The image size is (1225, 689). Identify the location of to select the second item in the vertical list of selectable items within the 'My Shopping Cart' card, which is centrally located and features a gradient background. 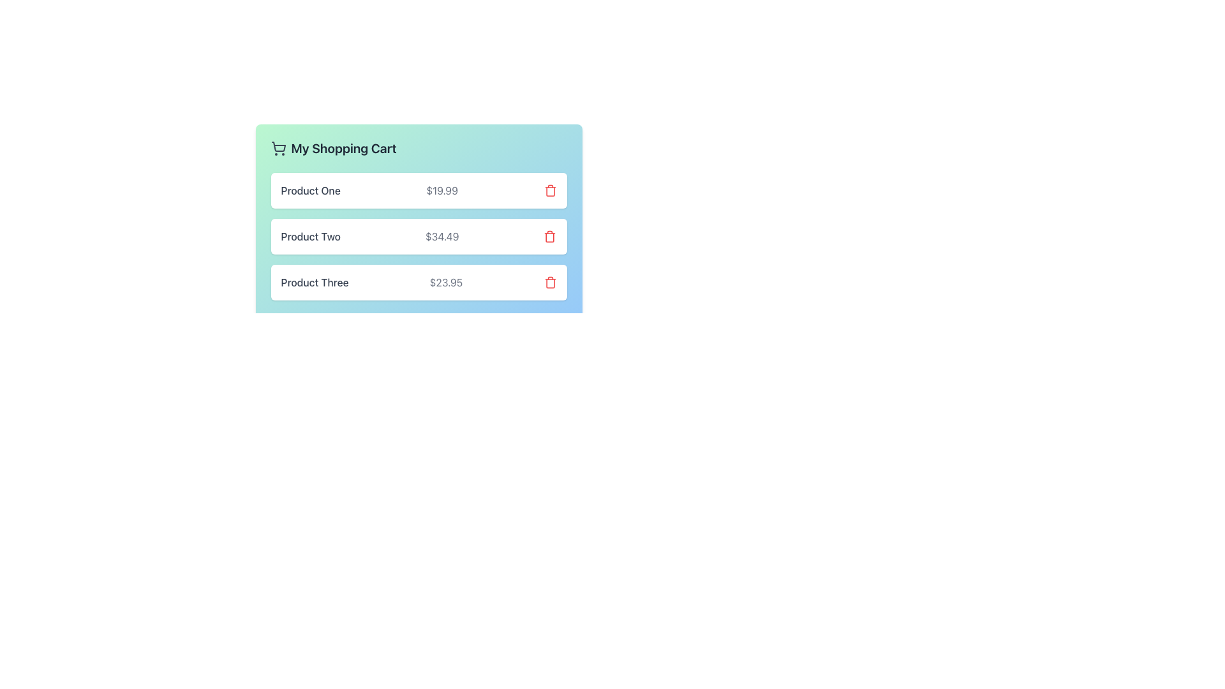
(419, 236).